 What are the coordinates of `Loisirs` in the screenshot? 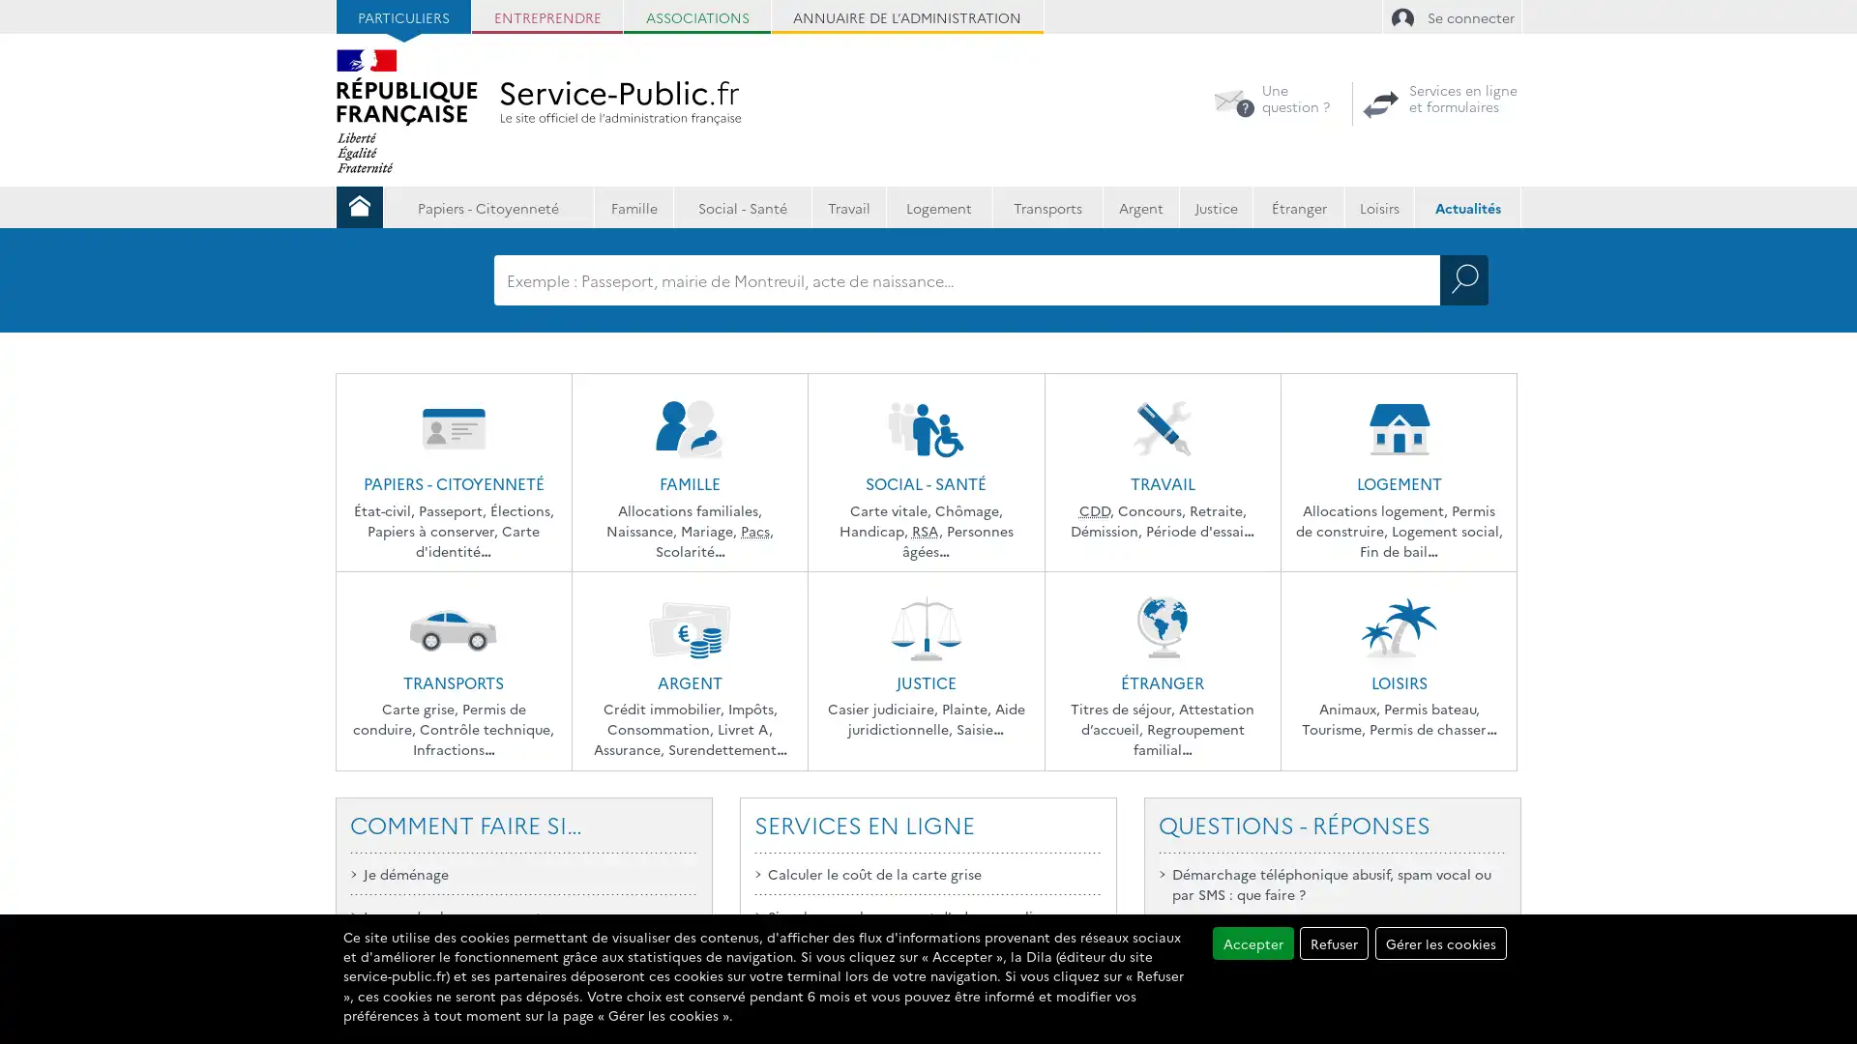 It's located at (1378, 206).